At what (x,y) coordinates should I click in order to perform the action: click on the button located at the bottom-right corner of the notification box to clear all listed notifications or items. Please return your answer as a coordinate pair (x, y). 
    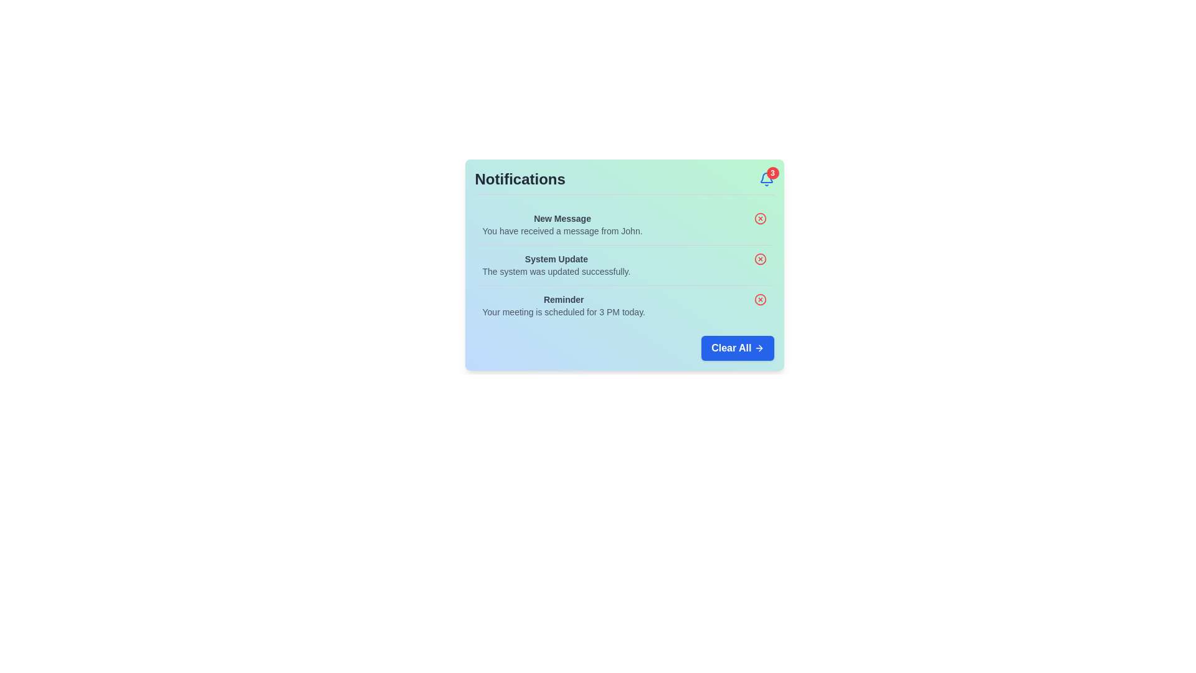
    Looking at the image, I should click on (738, 348).